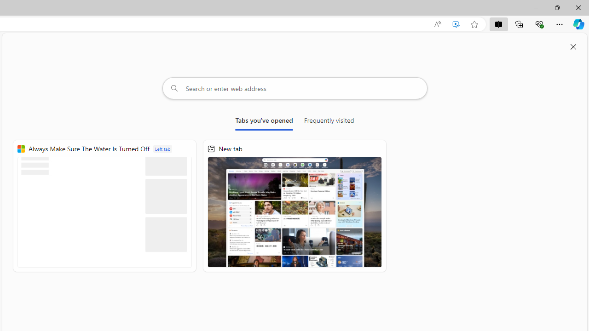 The image size is (589, 331). What do you see at coordinates (104, 205) in the screenshot?
I see `'Always Make Sure The Water Is Turned Off'` at bounding box center [104, 205].